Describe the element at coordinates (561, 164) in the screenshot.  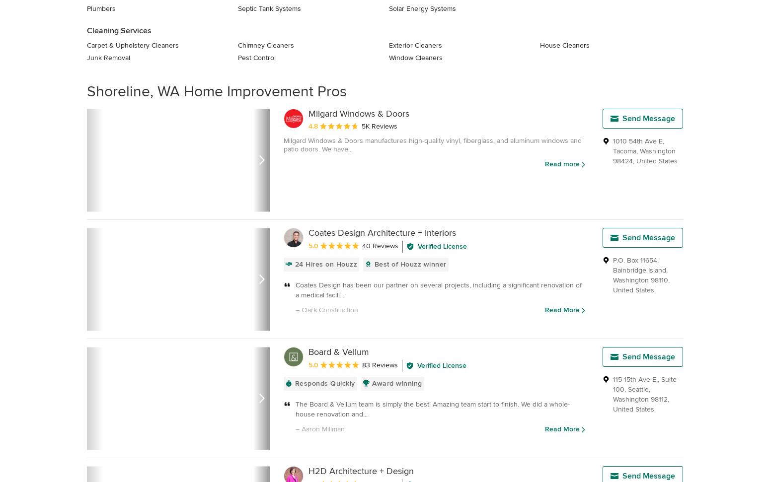
I see `'Read more'` at that location.